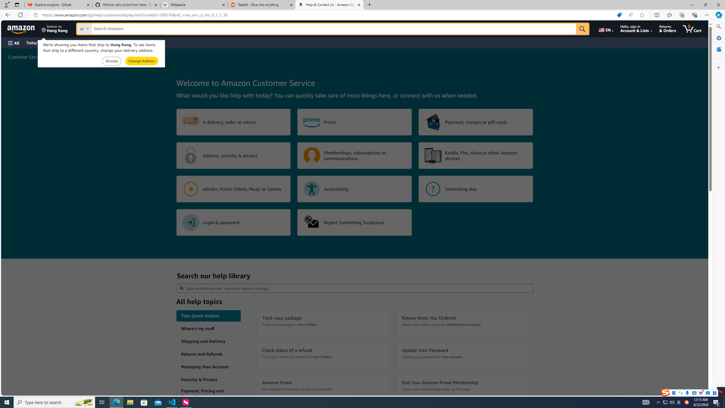 This screenshot has width=725, height=408. Describe the element at coordinates (26, 56) in the screenshot. I see `'Customer Service'` at that location.